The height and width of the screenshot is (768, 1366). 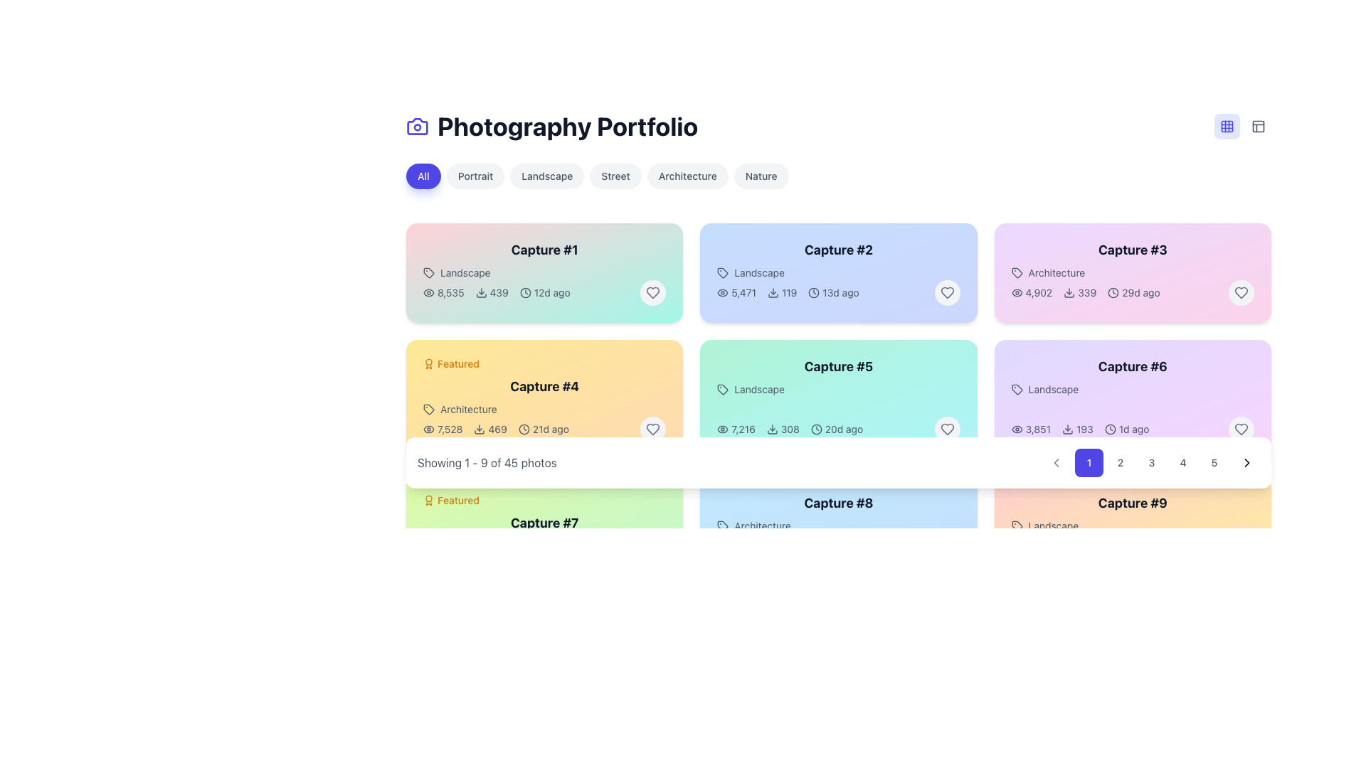 I want to click on the heart-shaped icon button located in the top-right corner of the 'Capture #3' card, so click(x=1241, y=292).